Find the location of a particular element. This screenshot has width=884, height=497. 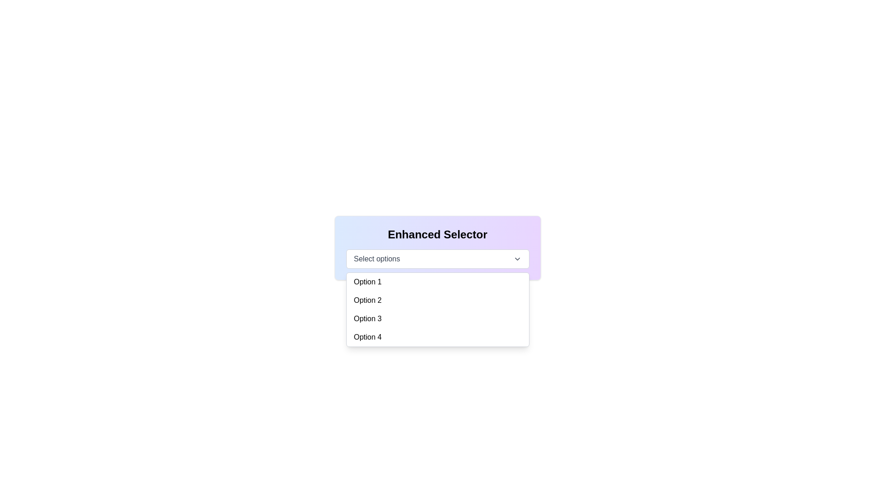

an option from the dropdown menu labeled 'Select options' by clicking on it is located at coordinates (437, 259).